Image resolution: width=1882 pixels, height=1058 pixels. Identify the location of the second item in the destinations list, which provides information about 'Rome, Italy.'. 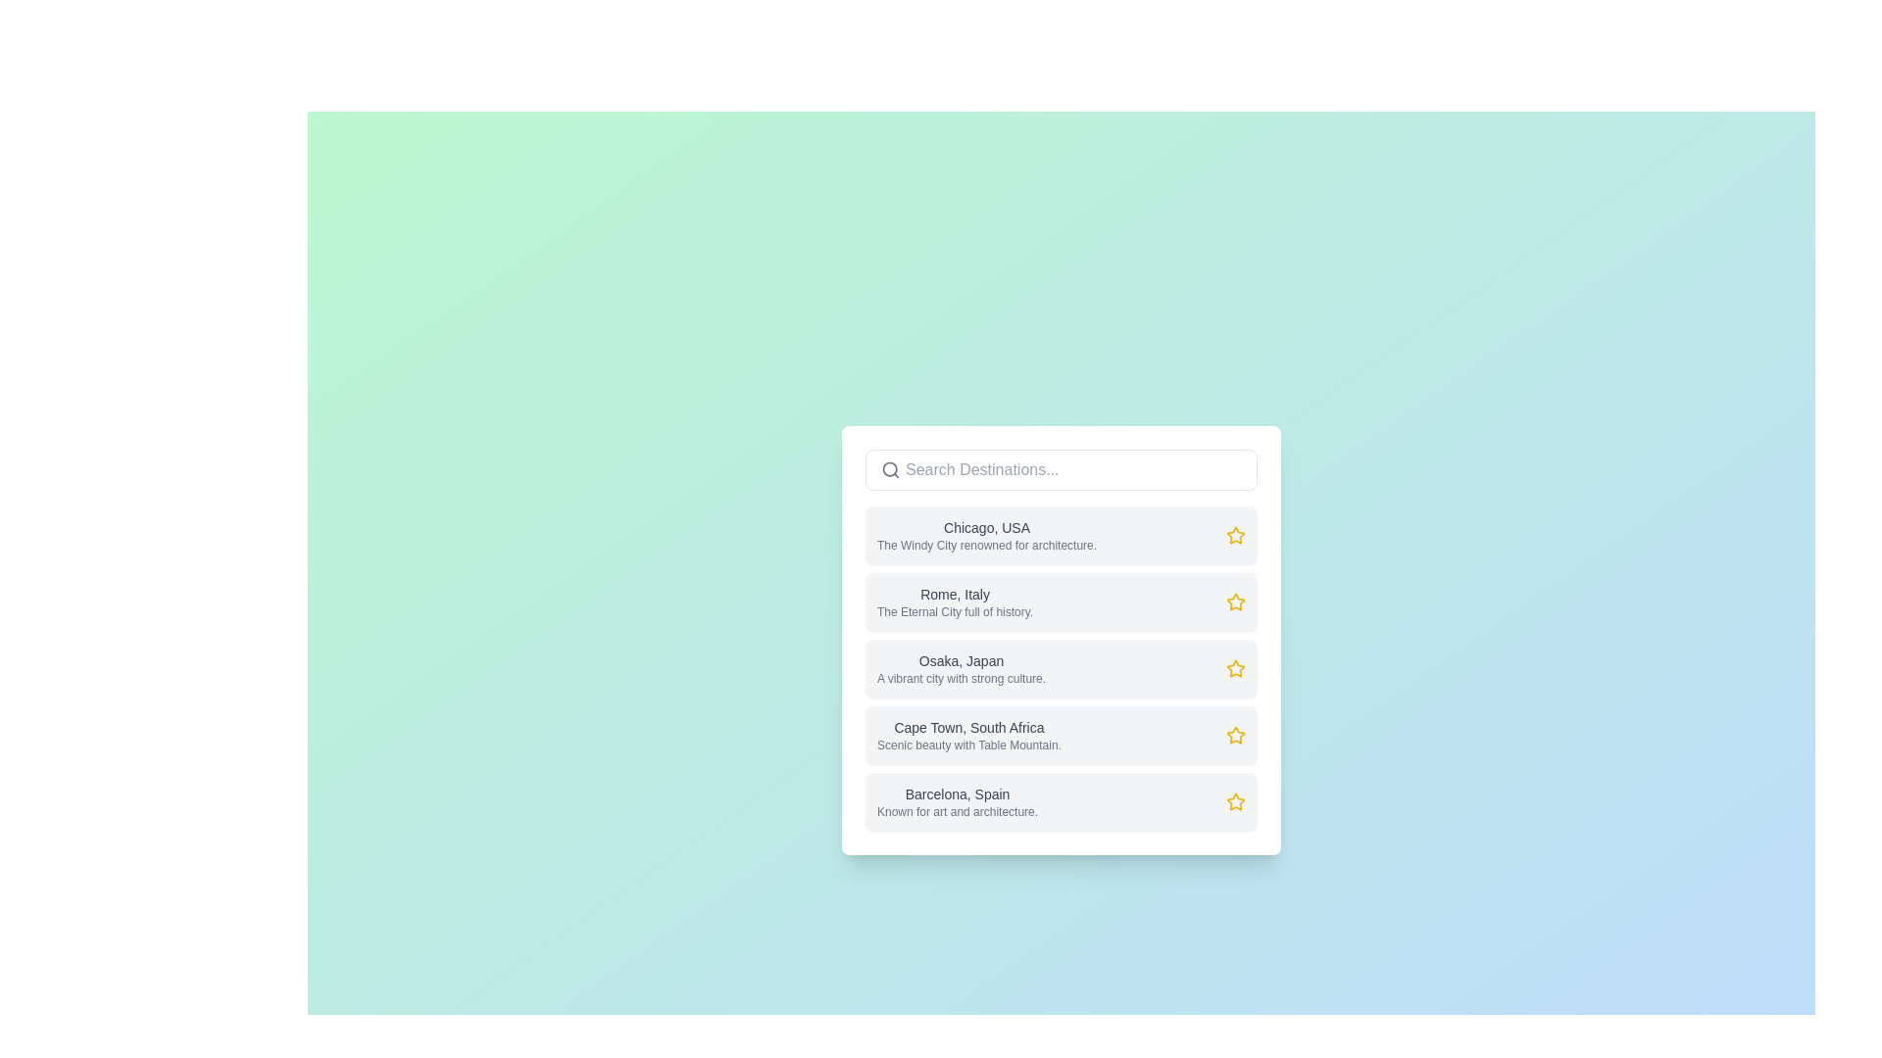
(1061, 601).